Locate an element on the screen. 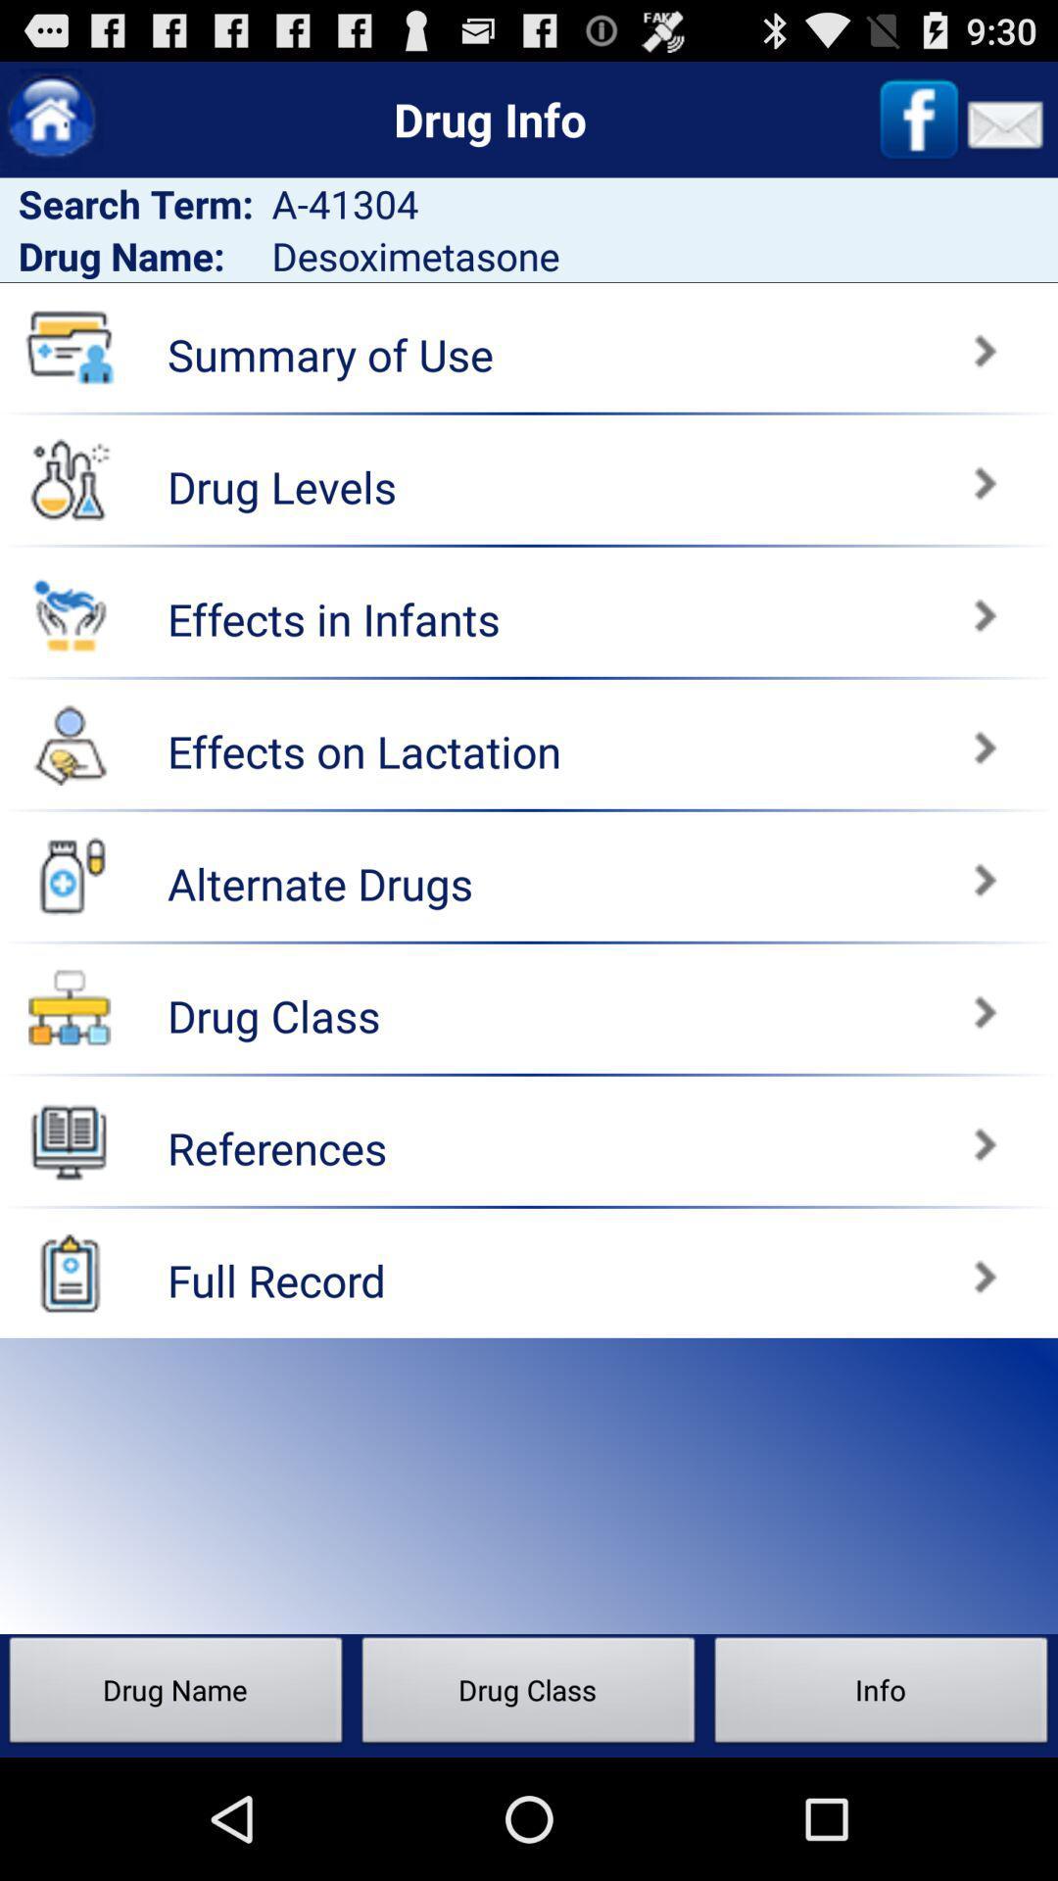 The image size is (1058, 1881). the folder icon is located at coordinates (69, 371).